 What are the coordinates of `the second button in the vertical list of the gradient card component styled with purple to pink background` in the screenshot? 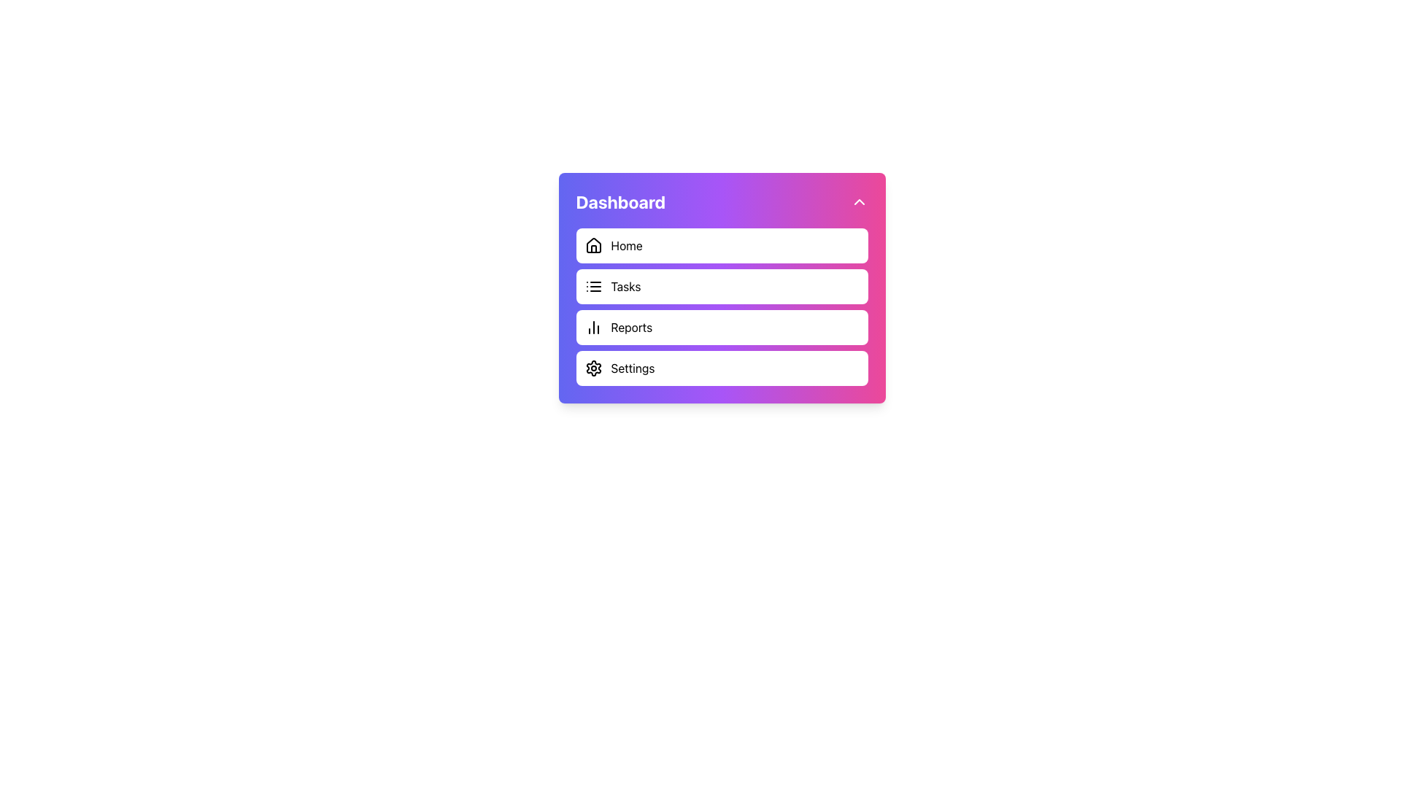 It's located at (722, 287).